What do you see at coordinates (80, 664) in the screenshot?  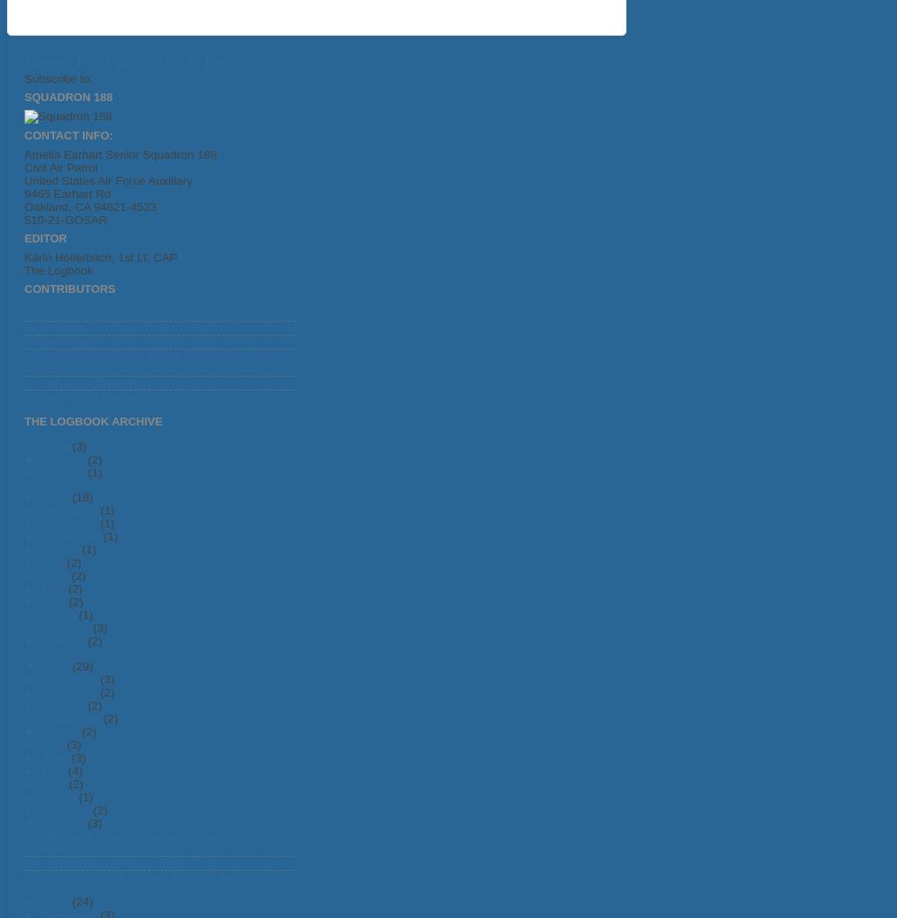 I see `'(29)'` at bounding box center [80, 664].